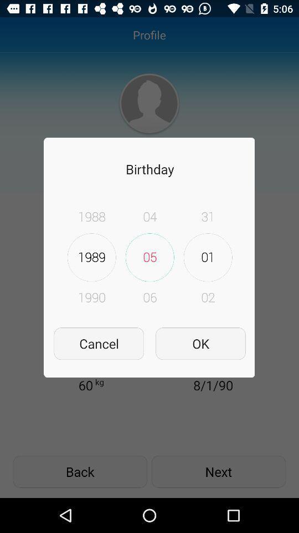  Describe the element at coordinates (99, 343) in the screenshot. I see `cancel item` at that location.